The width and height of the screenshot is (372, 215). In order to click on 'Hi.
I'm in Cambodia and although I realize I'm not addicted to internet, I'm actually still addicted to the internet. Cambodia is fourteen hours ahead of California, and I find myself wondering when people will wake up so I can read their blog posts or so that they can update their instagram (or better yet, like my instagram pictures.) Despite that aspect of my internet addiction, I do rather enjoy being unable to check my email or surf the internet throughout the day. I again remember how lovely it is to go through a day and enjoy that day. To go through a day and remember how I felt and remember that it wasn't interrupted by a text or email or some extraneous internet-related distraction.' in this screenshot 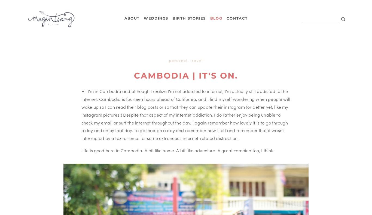, I will do `click(185, 114)`.